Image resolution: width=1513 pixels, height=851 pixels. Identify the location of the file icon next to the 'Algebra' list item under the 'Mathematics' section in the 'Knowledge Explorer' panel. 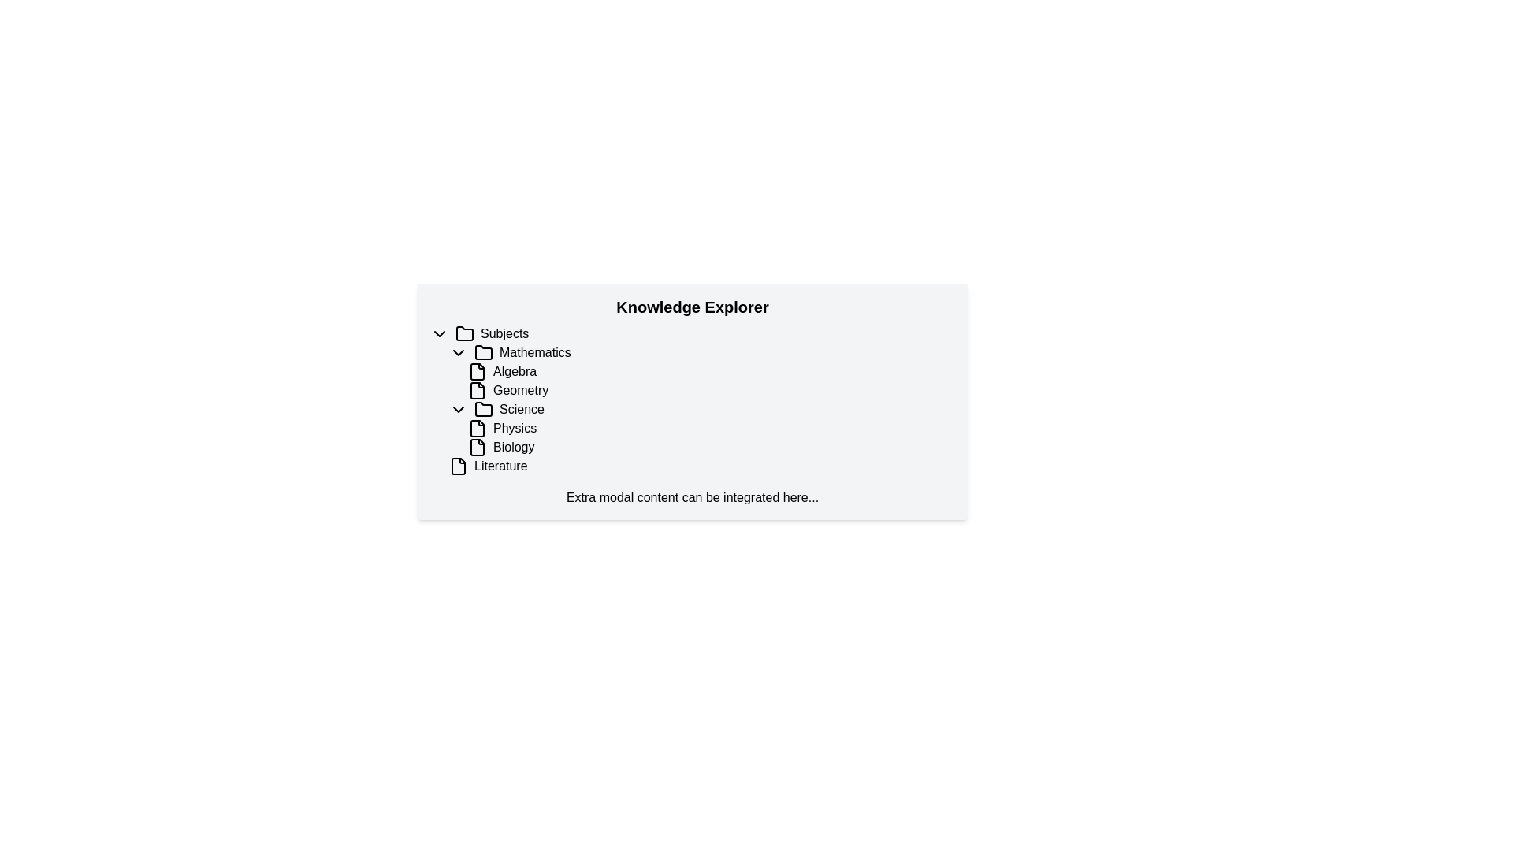
(476, 371).